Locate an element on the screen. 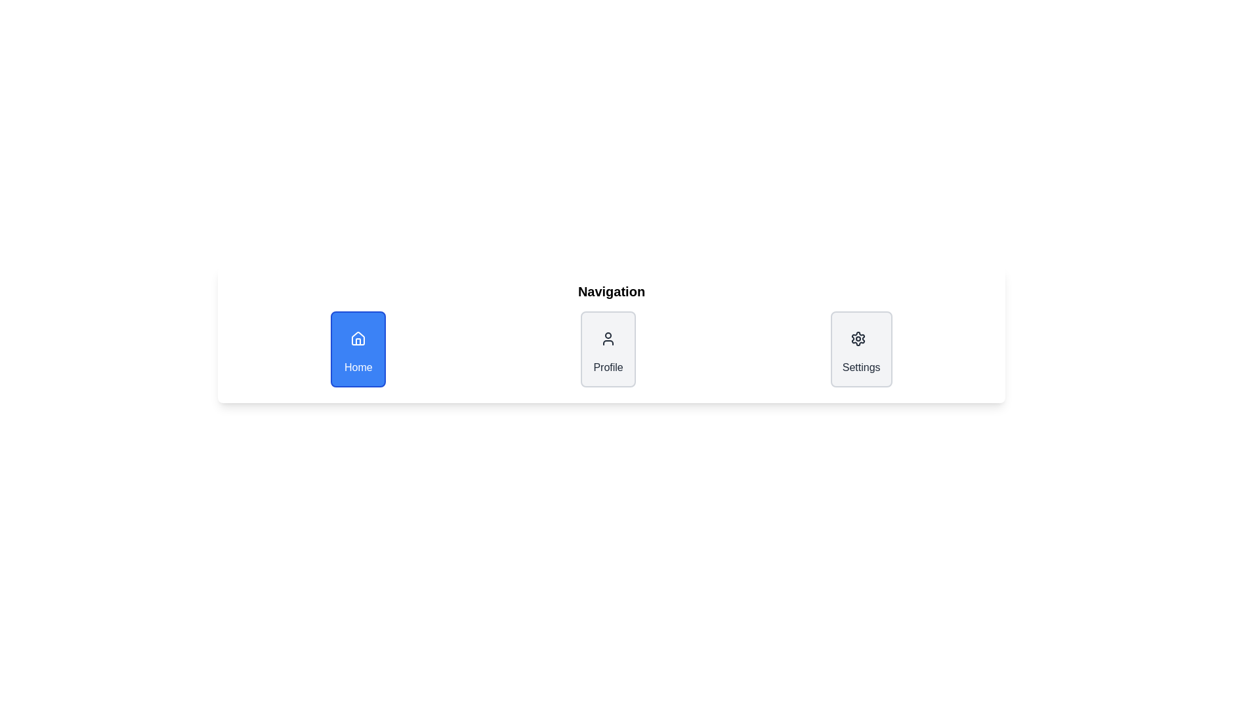  the circular gear-shaped icon, which is centrally aligned in the 'Settings' button located at the far right of the horizontal navigation menu, above the text 'Settings.' is located at coordinates (858, 338).